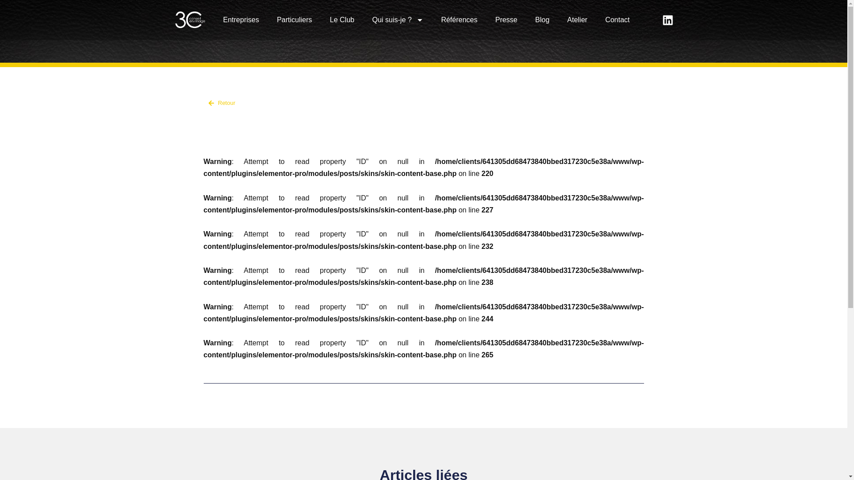  Describe the element at coordinates (617, 20) in the screenshot. I see `'Contact'` at that location.